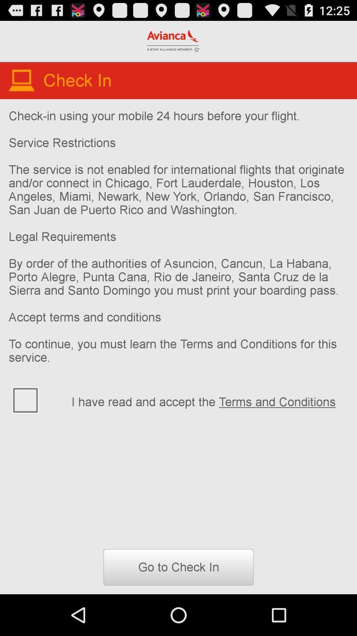  What do you see at coordinates (36, 399) in the screenshot?
I see `the app next to the i have read` at bounding box center [36, 399].